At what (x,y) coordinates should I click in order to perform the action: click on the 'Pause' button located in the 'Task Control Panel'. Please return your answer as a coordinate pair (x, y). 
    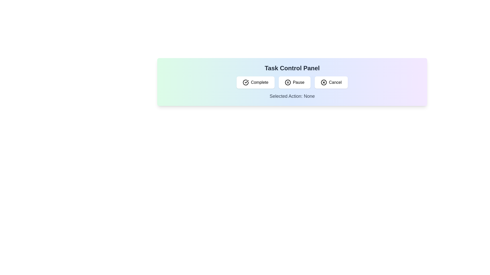
    Looking at the image, I should click on (292, 82).